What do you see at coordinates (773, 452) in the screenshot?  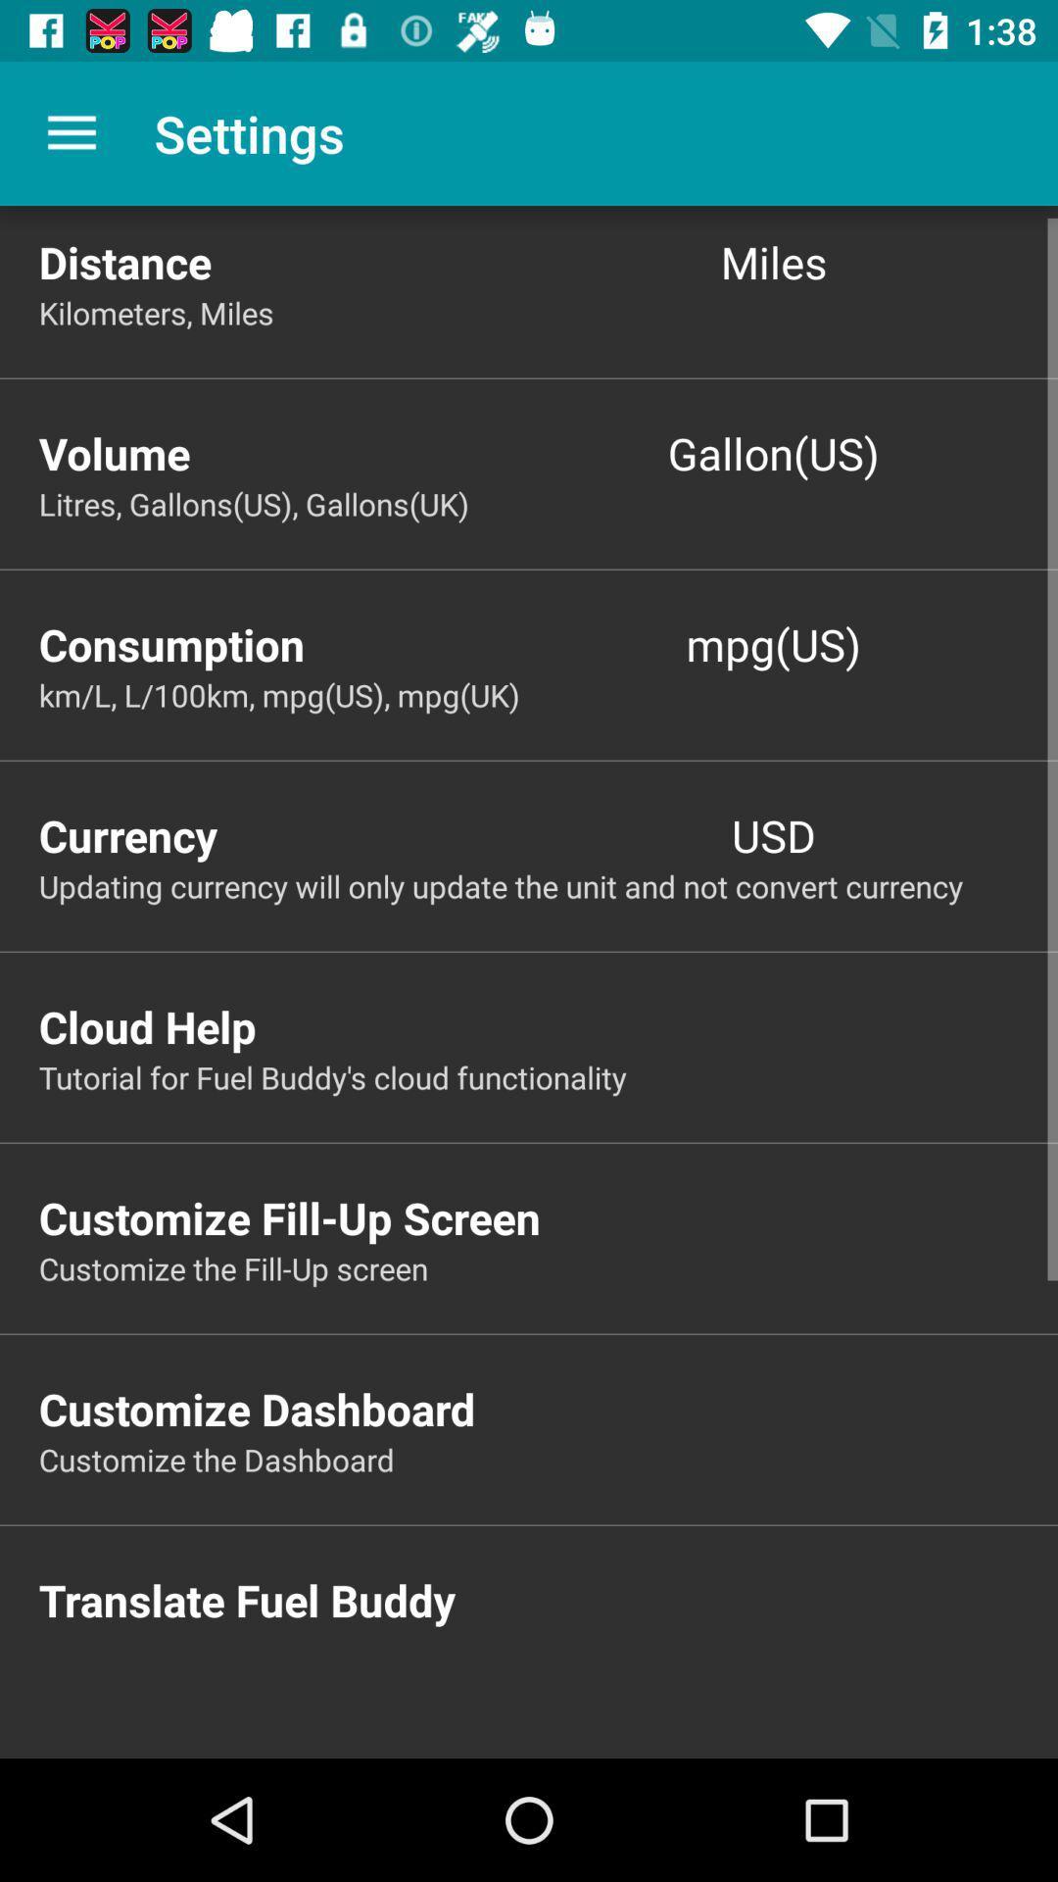 I see `icon next to the volume item` at bounding box center [773, 452].